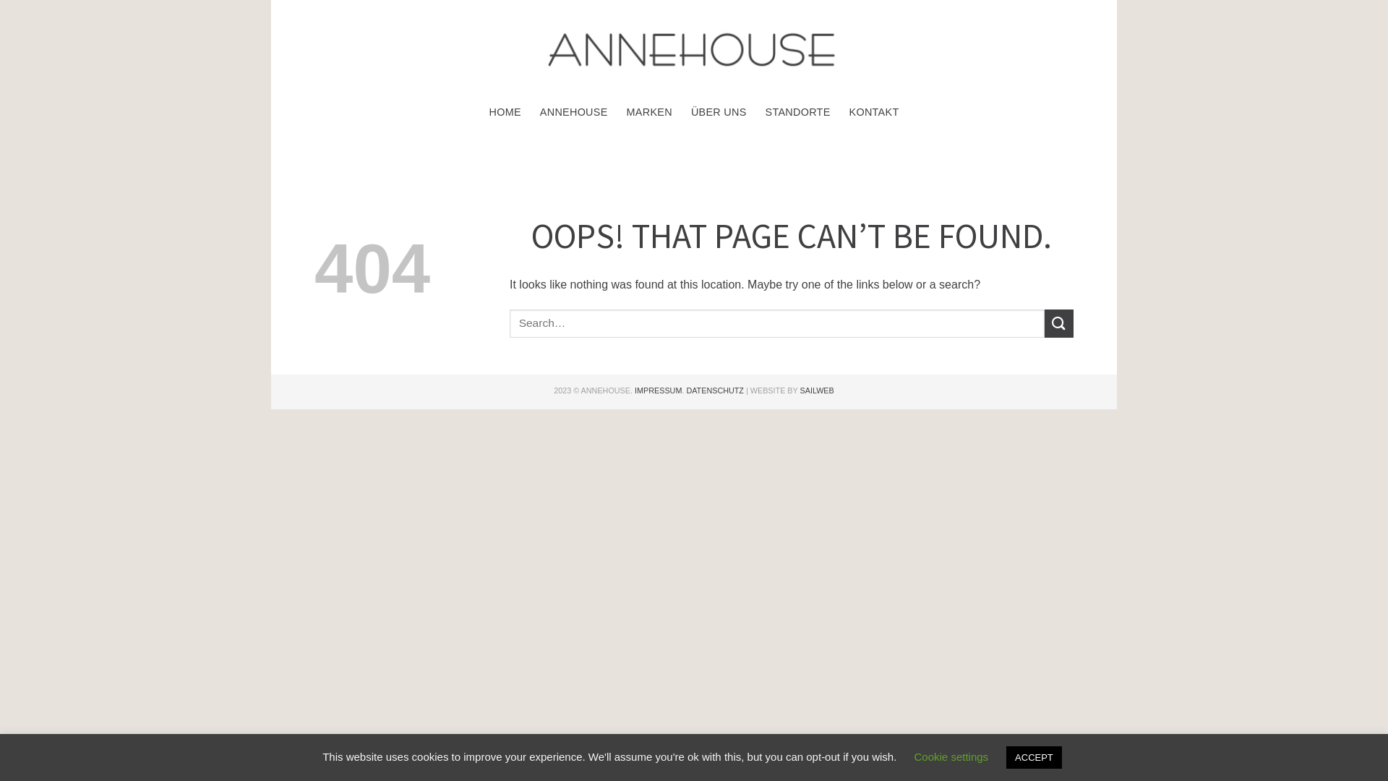 This screenshot has width=1388, height=781. Describe the element at coordinates (817, 390) in the screenshot. I see `'SAILWEB'` at that location.